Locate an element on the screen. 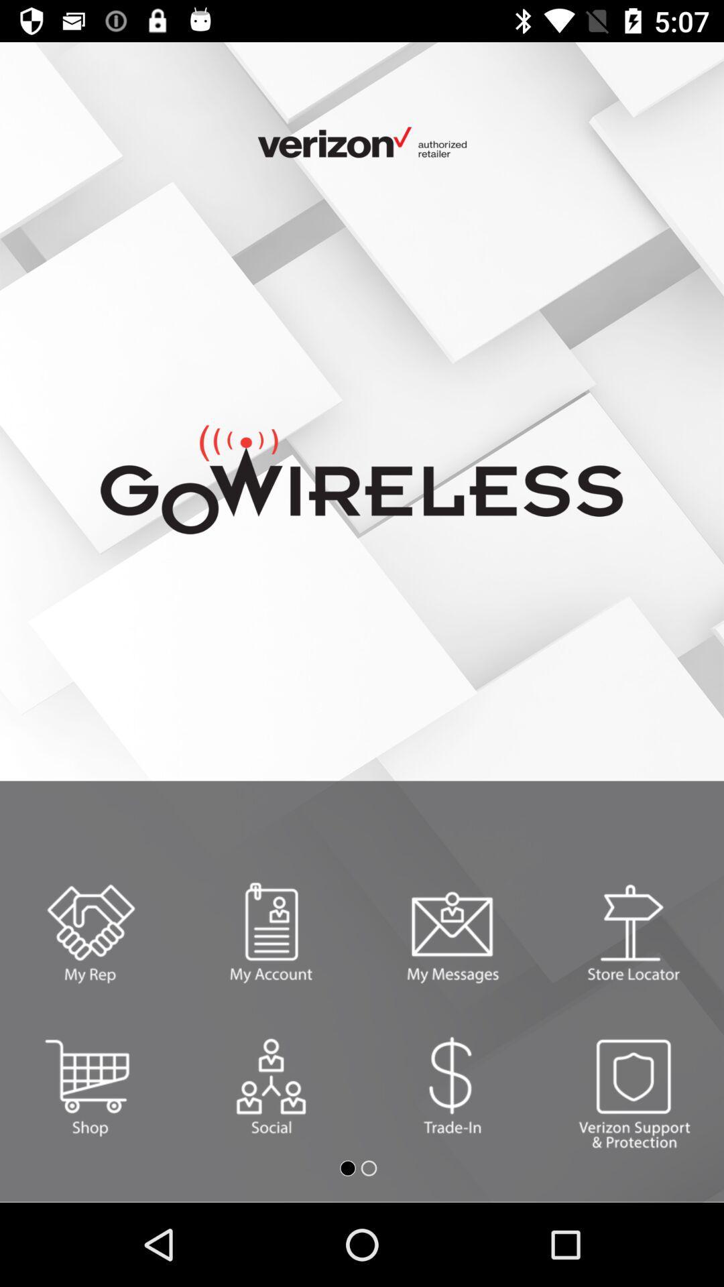 The image size is (724, 1287). the settings icon is located at coordinates (271, 1086).